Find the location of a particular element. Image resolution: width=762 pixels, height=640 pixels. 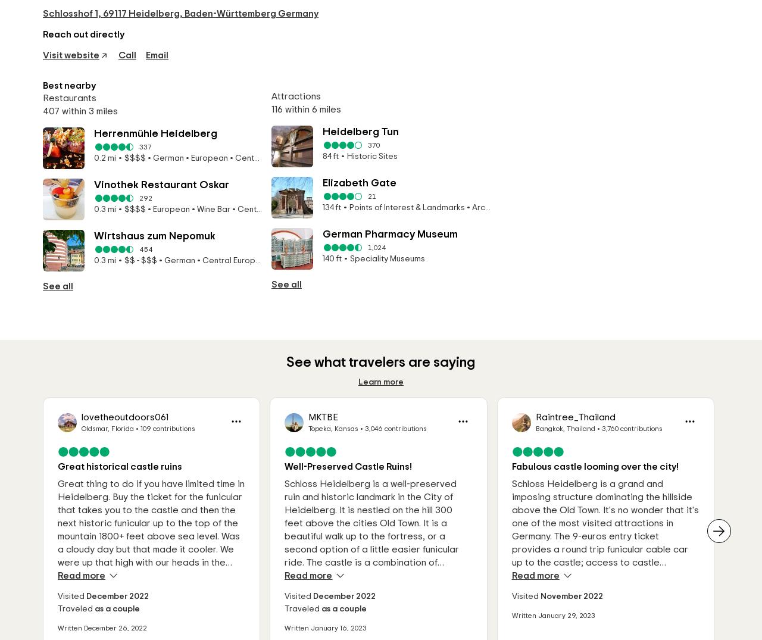

'$$ - $$$ • German • Central European • Vegetarian Friendly' is located at coordinates (176, 266).